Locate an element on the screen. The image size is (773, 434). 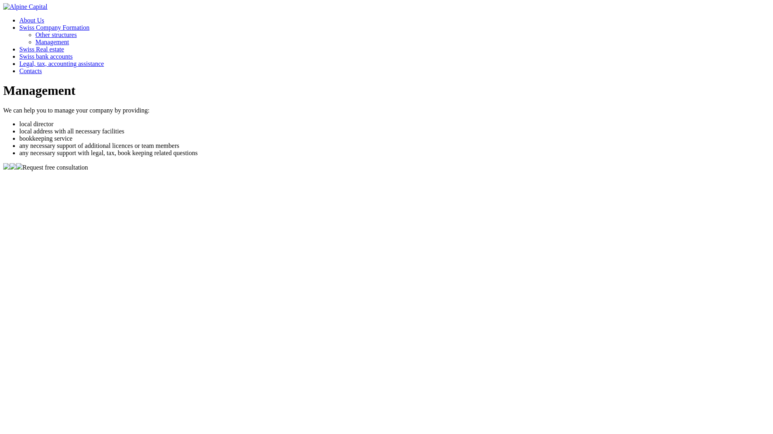
'Legal, tax, accounting assistance' is located at coordinates (61, 63).